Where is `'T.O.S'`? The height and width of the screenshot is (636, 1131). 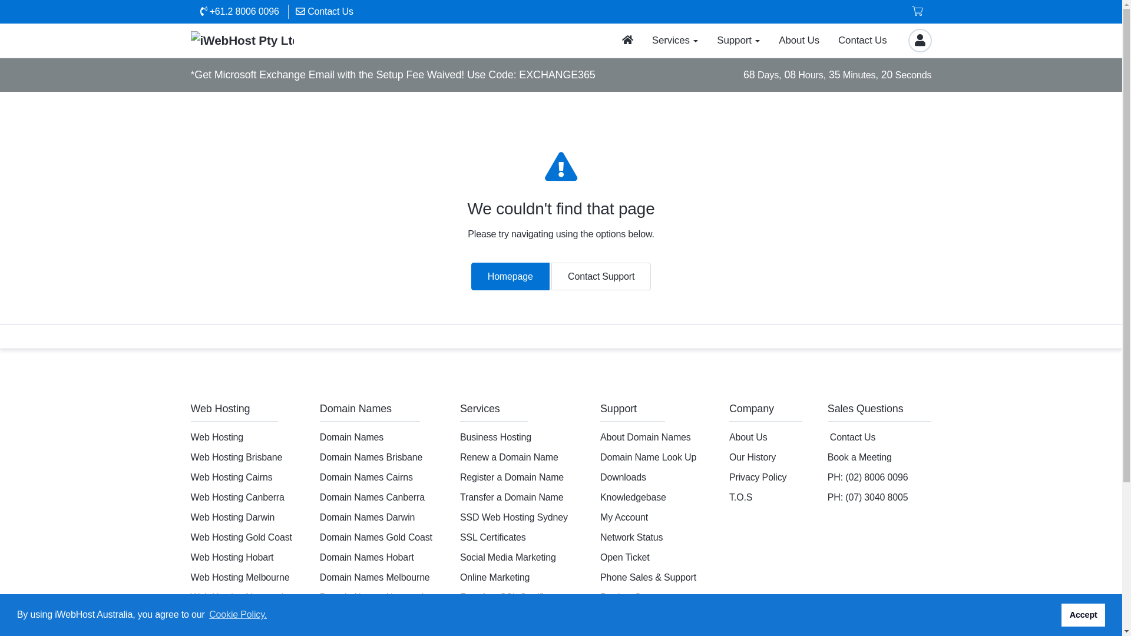
'T.O.S' is located at coordinates (740, 497).